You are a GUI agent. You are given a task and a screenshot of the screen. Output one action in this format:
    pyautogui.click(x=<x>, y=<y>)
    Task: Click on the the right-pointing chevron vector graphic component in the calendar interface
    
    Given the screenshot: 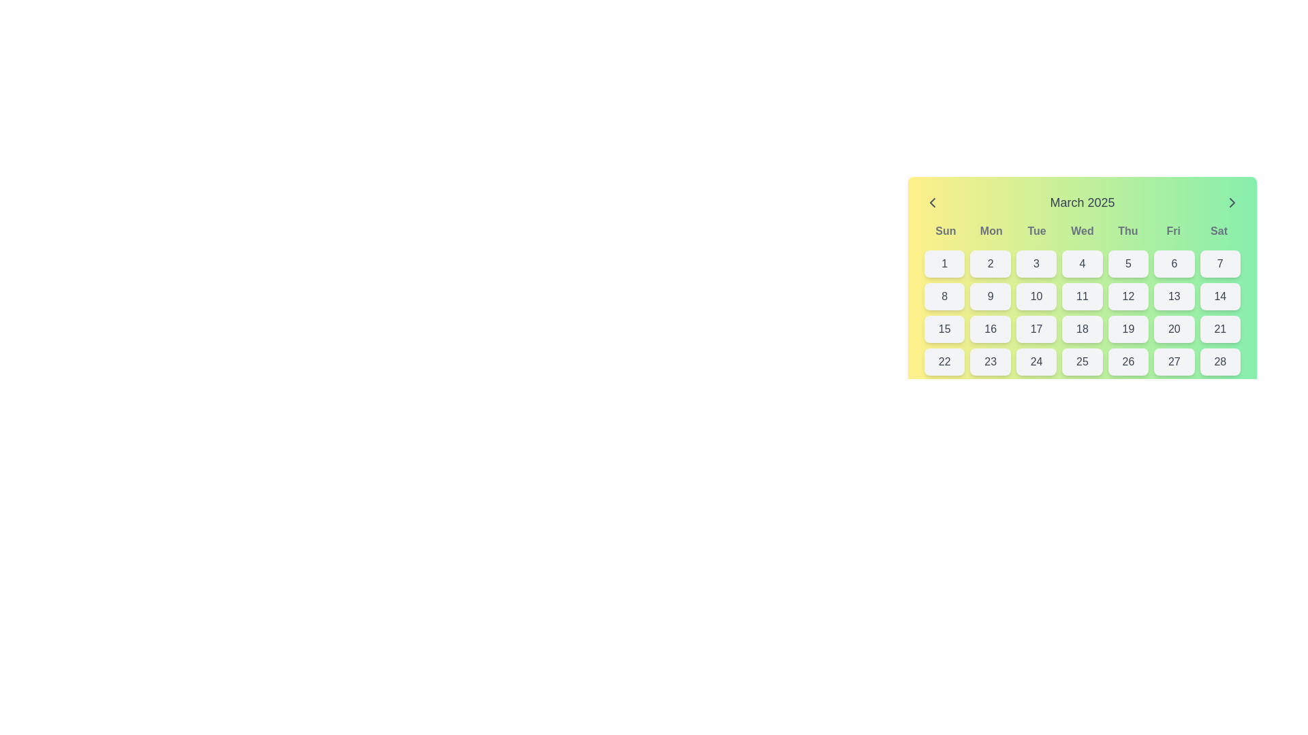 What is the action you would take?
    pyautogui.click(x=1232, y=202)
    